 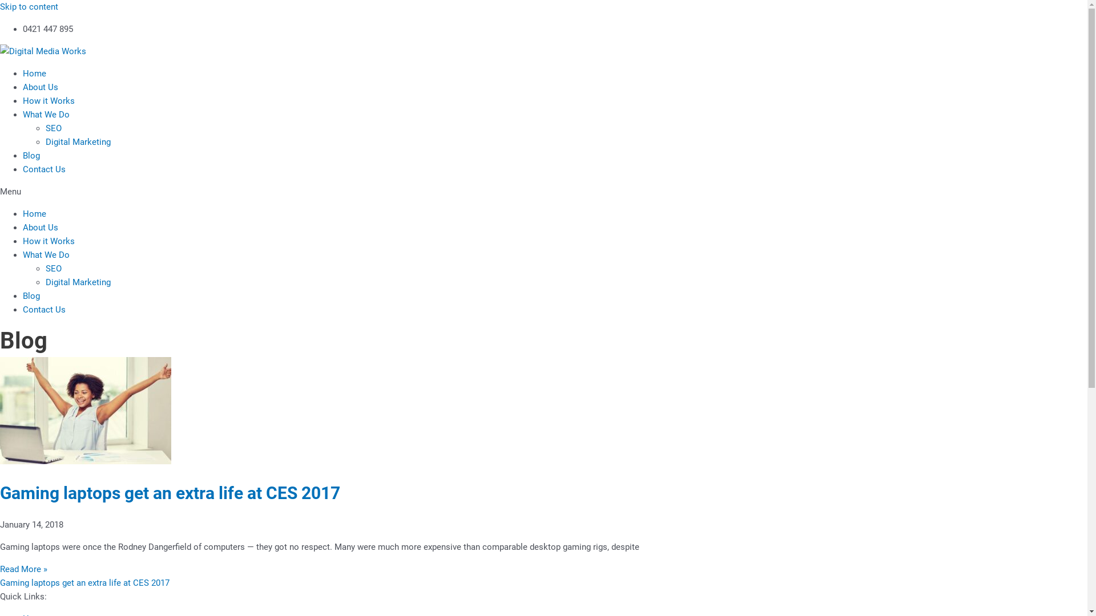 I want to click on 'Skip to content', so click(x=29, y=6).